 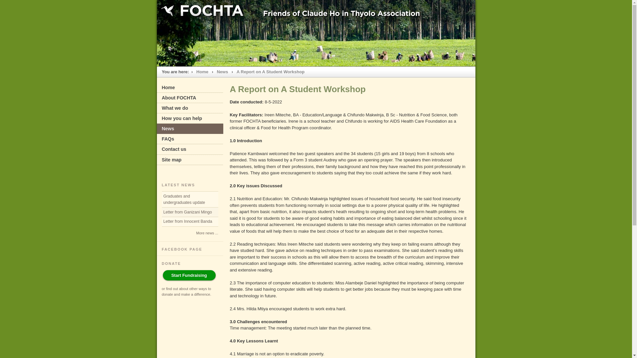 What do you see at coordinates (189, 98) in the screenshot?
I see `'About FOCHTA'` at bounding box center [189, 98].